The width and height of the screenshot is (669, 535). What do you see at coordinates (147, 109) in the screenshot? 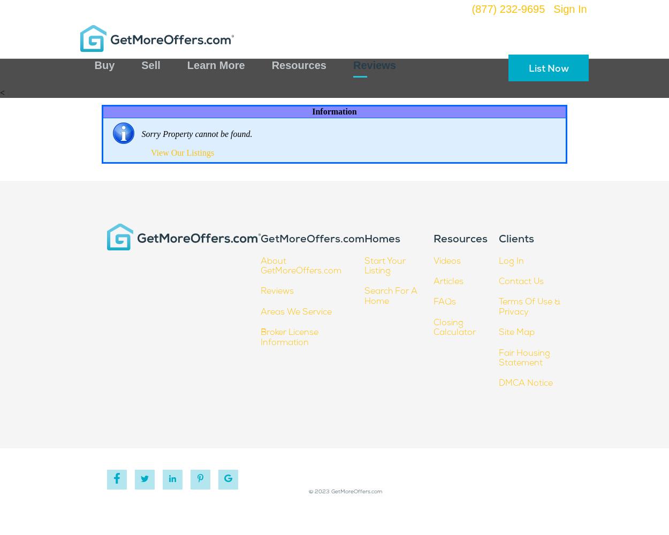
I see `'Program Comparison'` at bounding box center [147, 109].